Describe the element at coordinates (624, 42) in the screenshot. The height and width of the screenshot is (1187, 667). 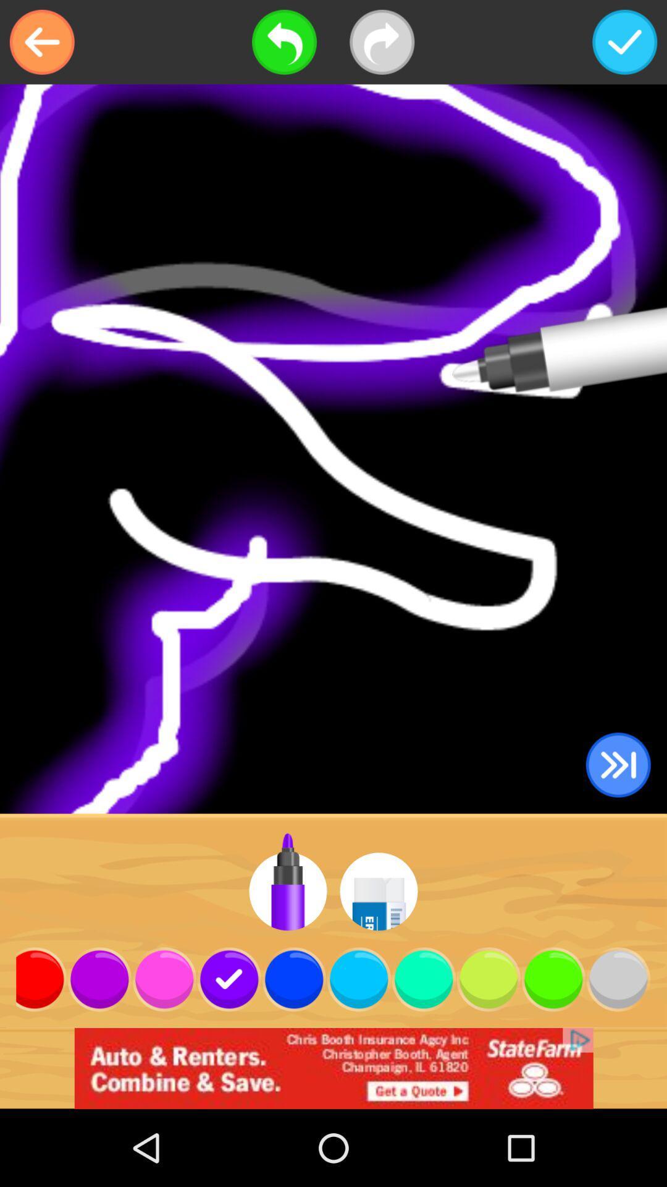
I see `accept and save` at that location.